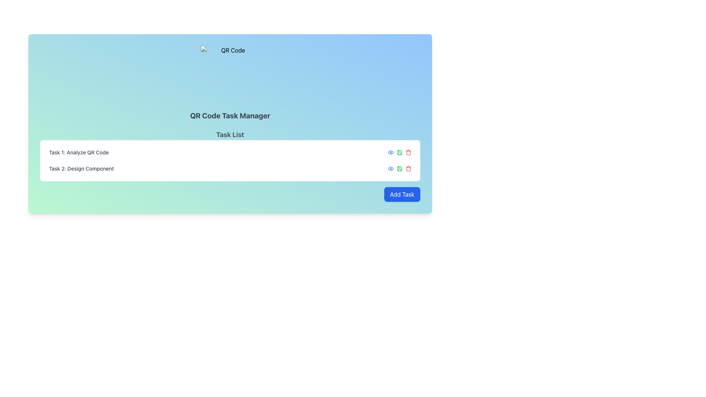 The height and width of the screenshot is (397, 706). What do you see at coordinates (399, 169) in the screenshot?
I see `the small green save-icon button resembling a floppy disk located in the Actions column of the second task row ('Task 2: Design Component') to potentially display a tooltip` at bounding box center [399, 169].